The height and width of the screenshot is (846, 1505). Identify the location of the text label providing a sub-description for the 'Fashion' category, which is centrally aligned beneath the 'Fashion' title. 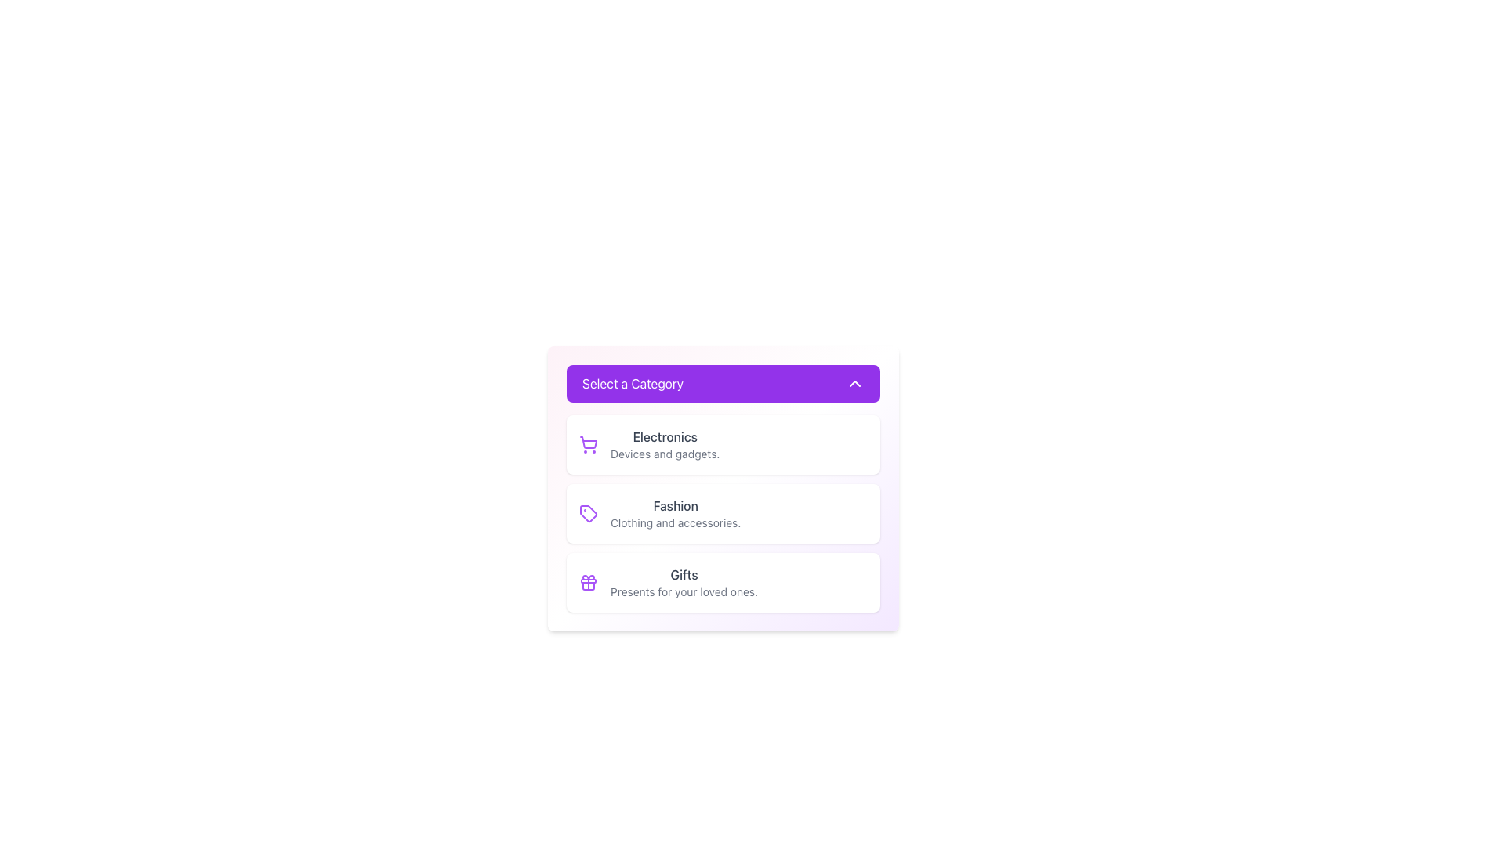
(676, 522).